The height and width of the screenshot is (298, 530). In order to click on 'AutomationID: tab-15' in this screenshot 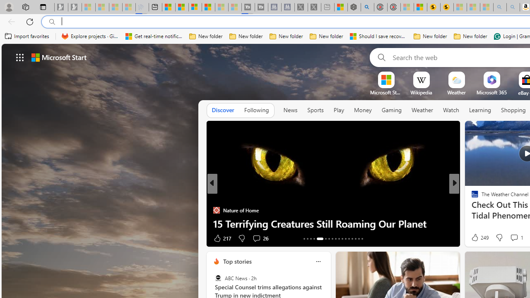, I will do `click(310, 239)`.